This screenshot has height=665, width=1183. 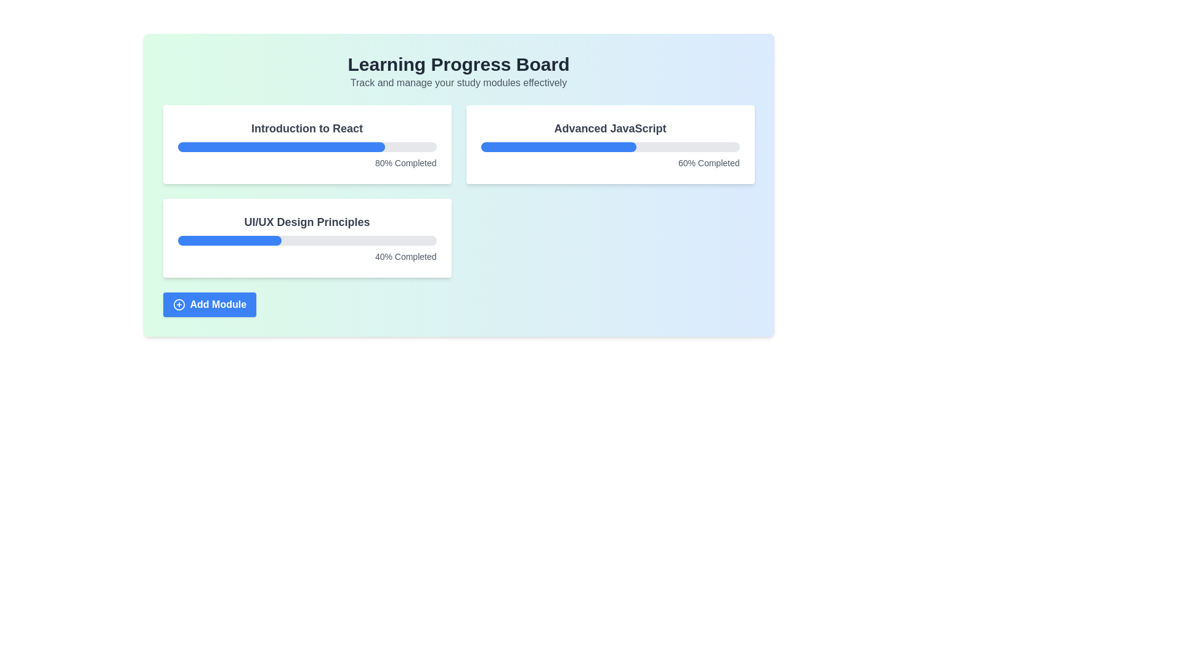 What do you see at coordinates (229, 240) in the screenshot?
I see `the 40% completion segment of the 'UI/UX Design Principles' progress bar located on the dashboard, which is the third module in the vertical arrangement` at bounding box center [229, 240].